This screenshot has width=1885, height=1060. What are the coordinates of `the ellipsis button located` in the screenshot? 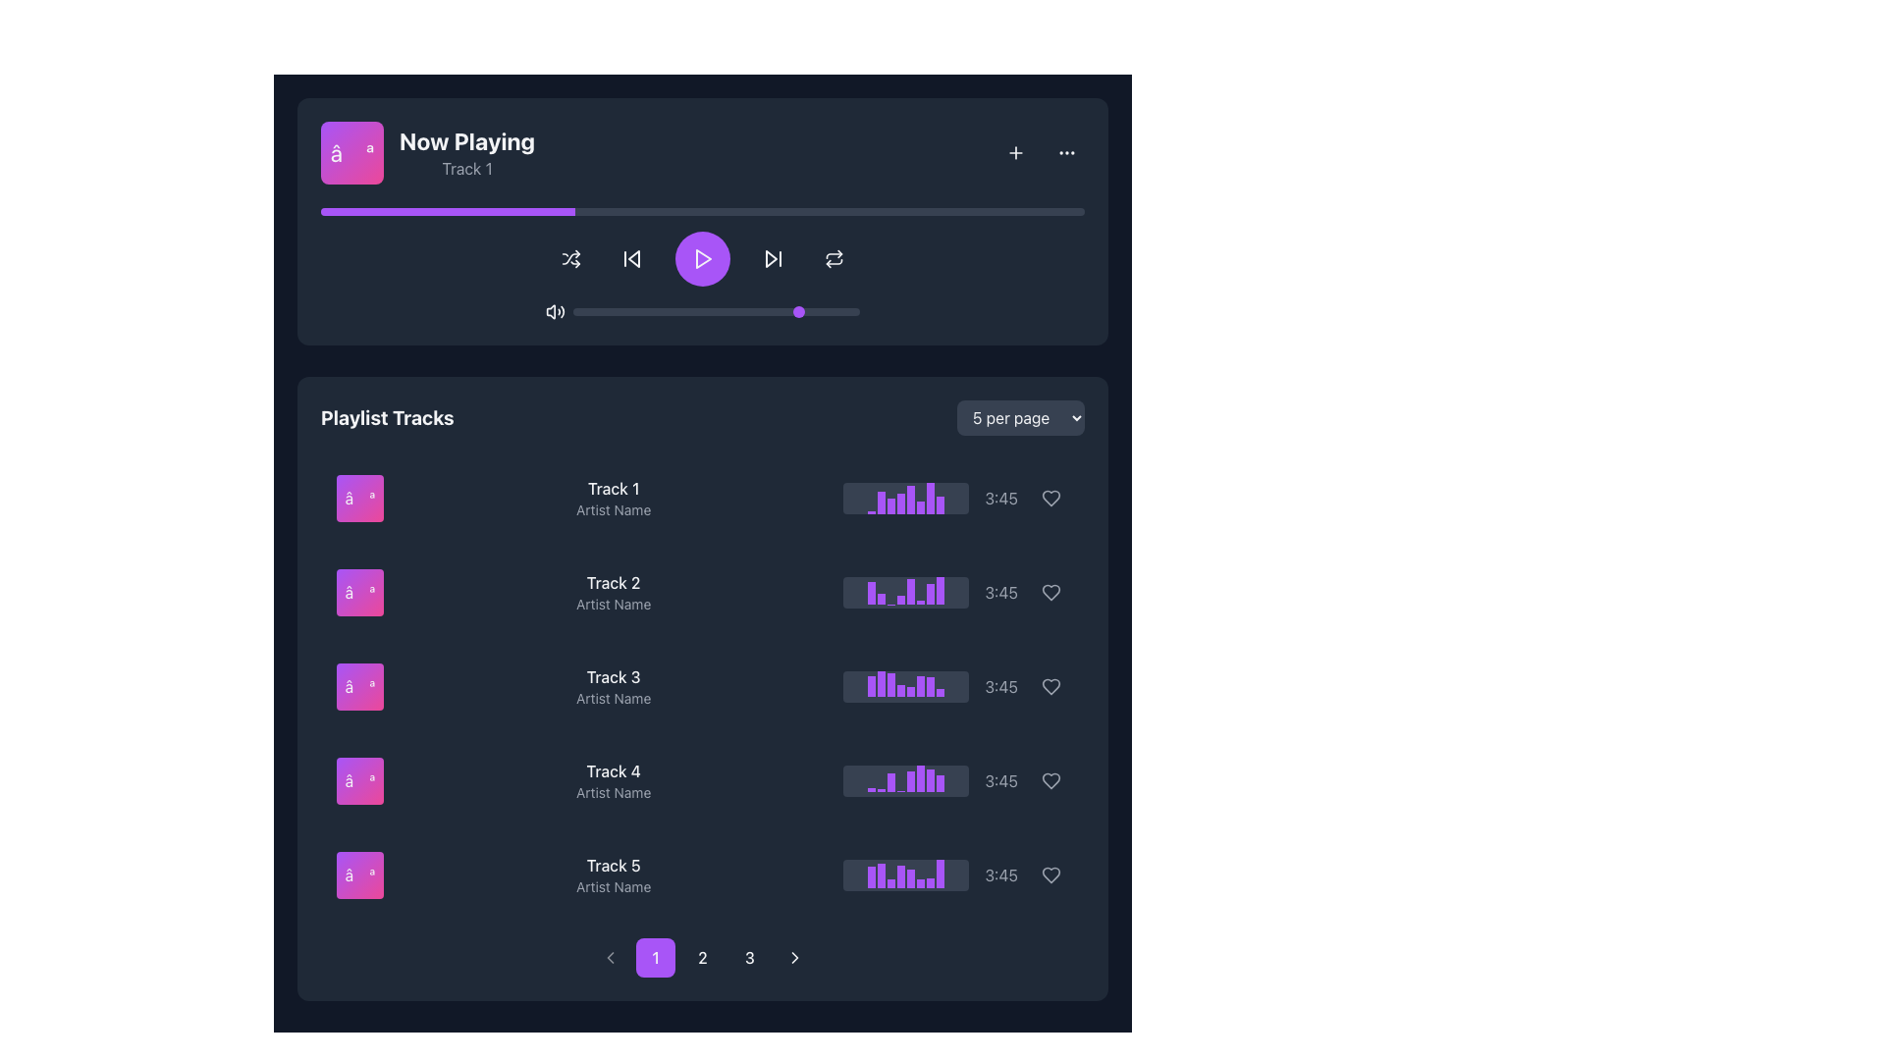 It's located at (1065, 151).